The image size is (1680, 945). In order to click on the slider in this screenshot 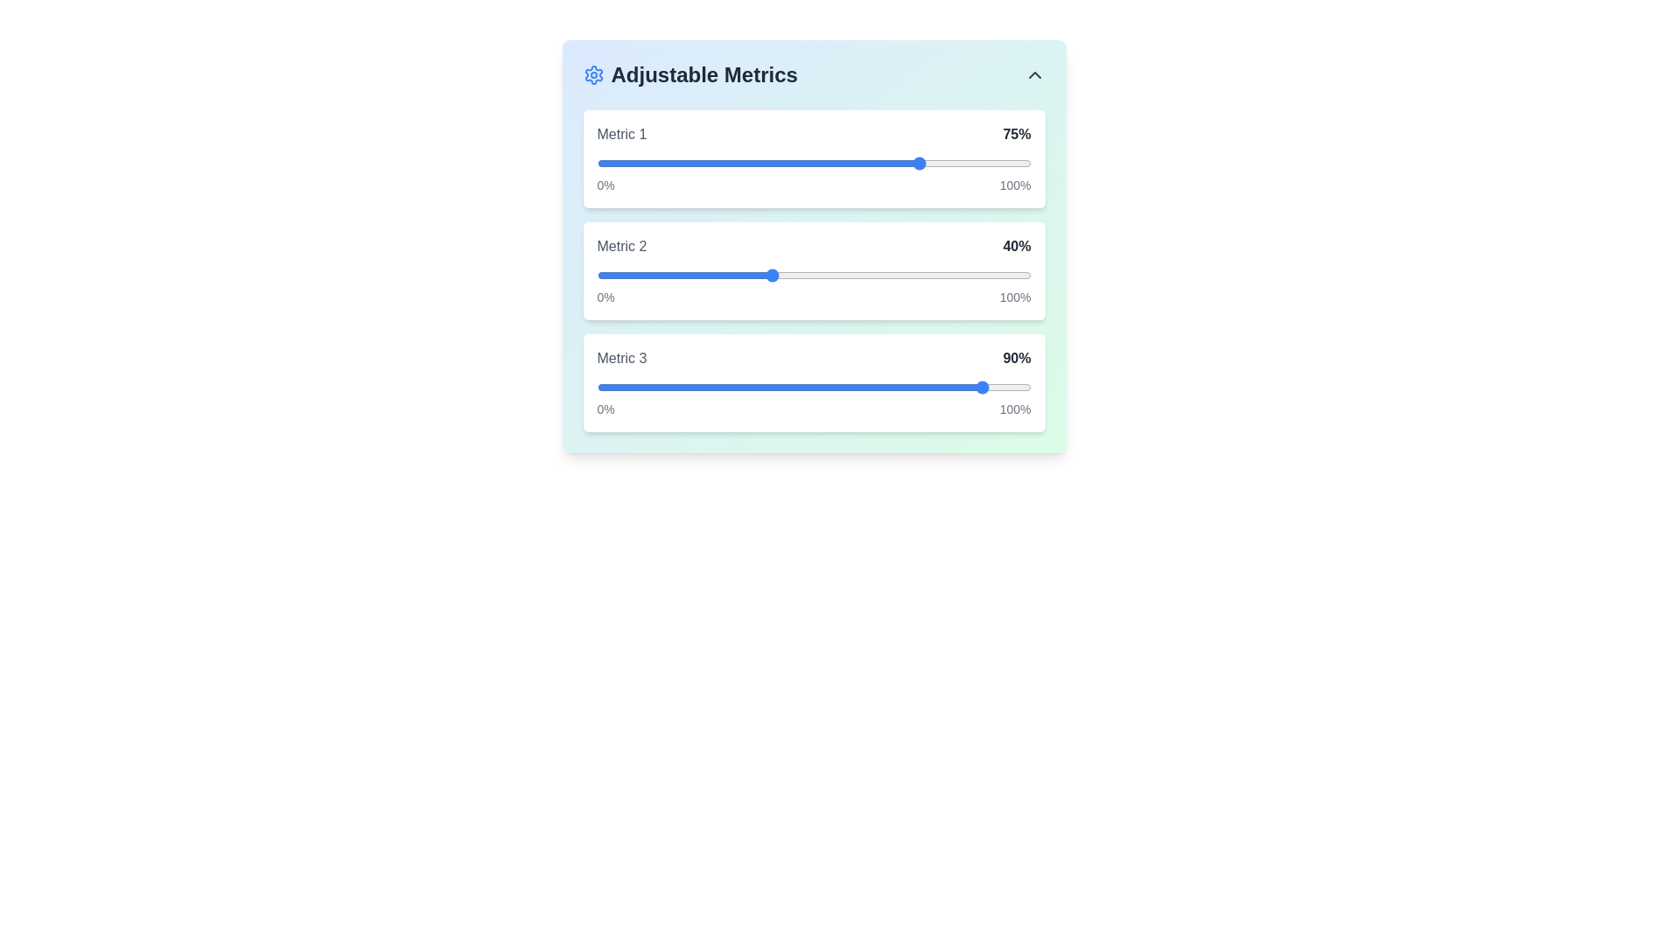, I will do `click(905, 163)`.